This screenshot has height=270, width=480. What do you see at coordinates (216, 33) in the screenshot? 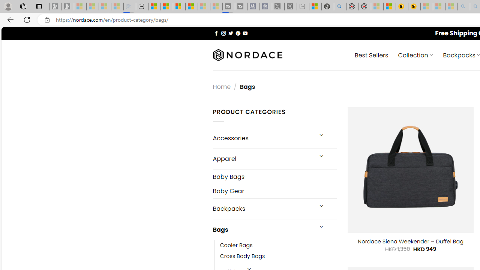
I see `'Follow on Facebook'` at bounding box center [216, 33].